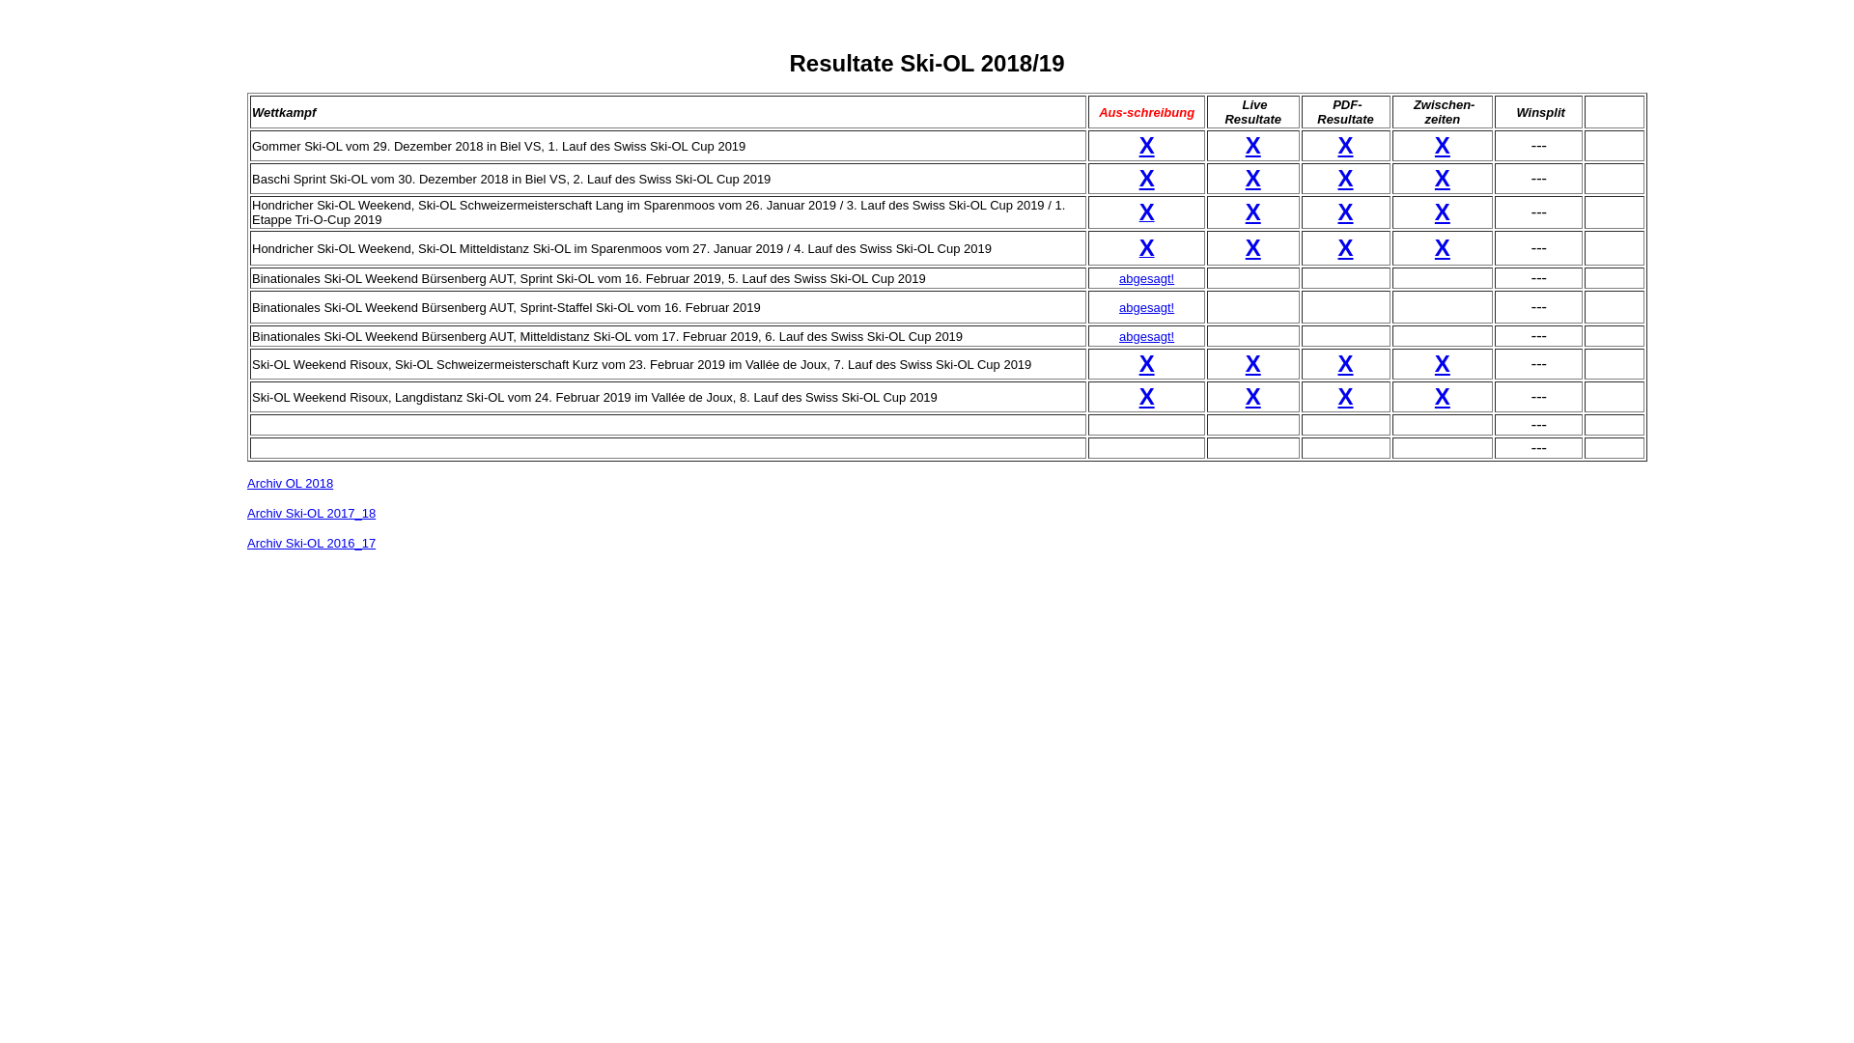  I want to click on 'X', so click(1442, 363).